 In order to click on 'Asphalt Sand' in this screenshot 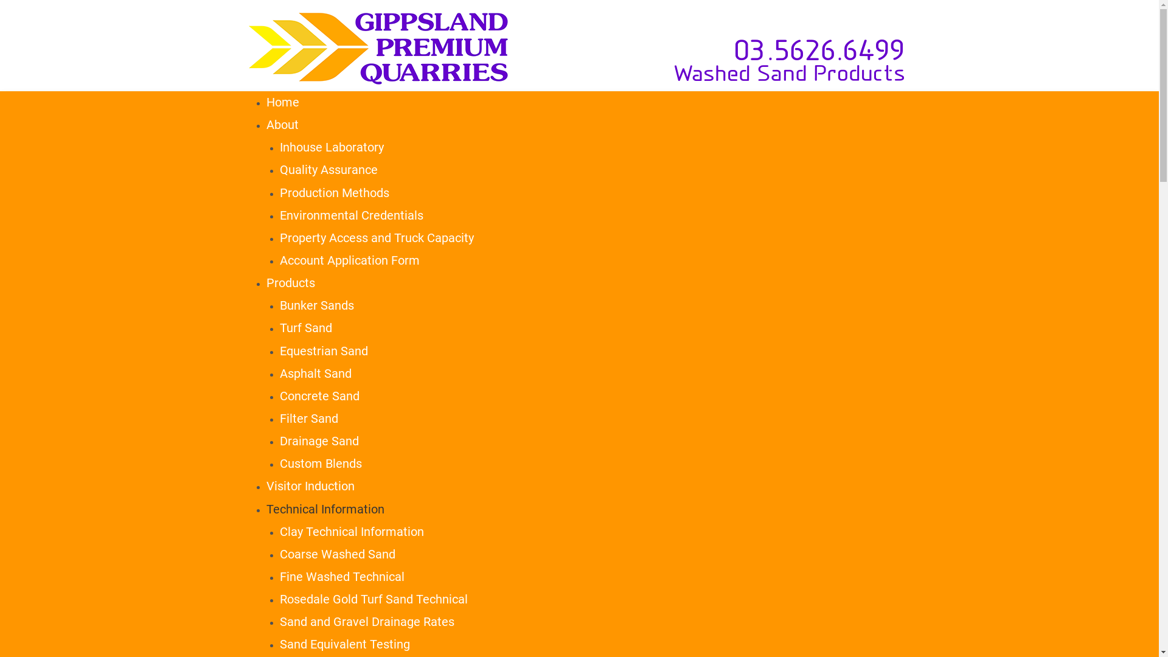, I will do `click(315, 372)`.